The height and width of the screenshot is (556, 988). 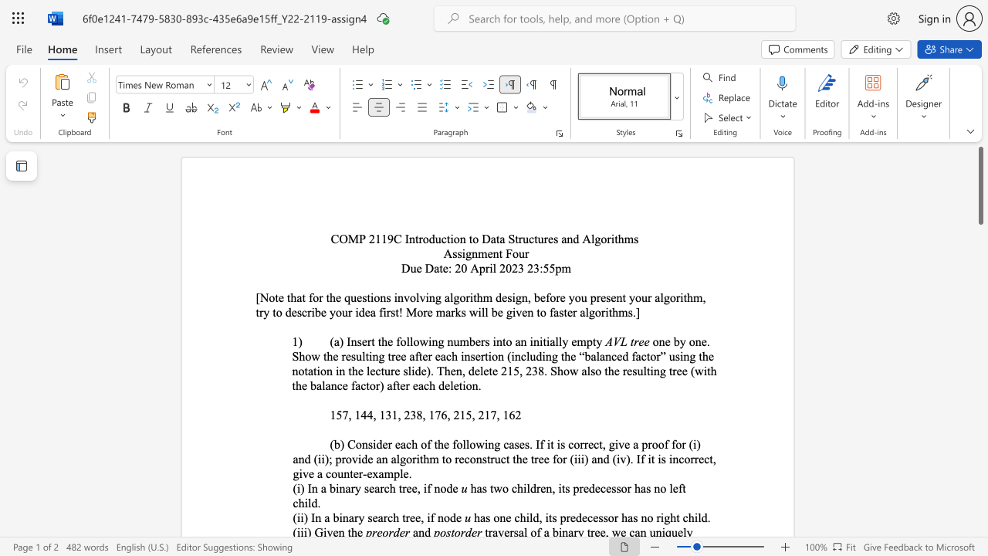 What do you see at coordinates (364, 341) in the screenshot?
I see `the 1th character "e" in the text` at bounding box center [364, 341].